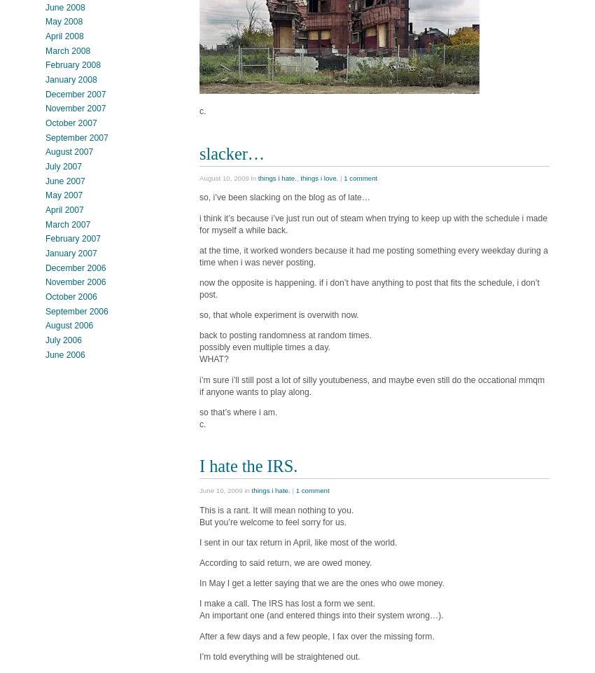 This screenshot has height=673, width=595. Describe the element at coordinates (297, 176) in the screenshot. I see `','` at that location.